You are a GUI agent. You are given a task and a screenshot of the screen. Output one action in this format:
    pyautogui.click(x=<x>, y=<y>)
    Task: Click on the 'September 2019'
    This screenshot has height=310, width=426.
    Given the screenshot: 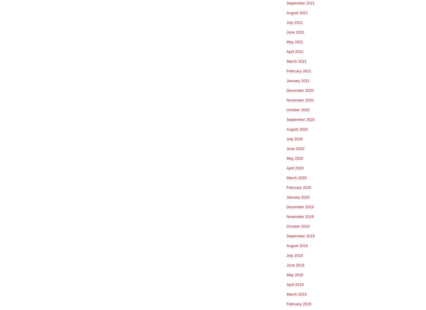 What is the action you would take?
    pyautogui.click(x=300, y=235)
    